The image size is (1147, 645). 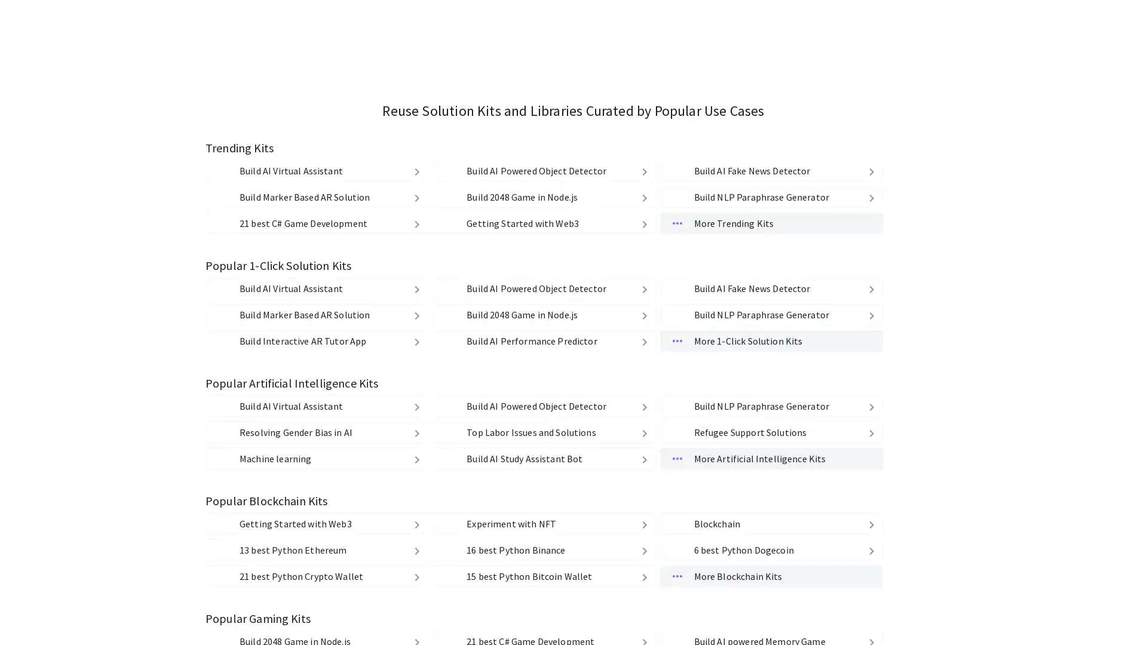 I want to click on kandi github, so click(x=1092, y=41).